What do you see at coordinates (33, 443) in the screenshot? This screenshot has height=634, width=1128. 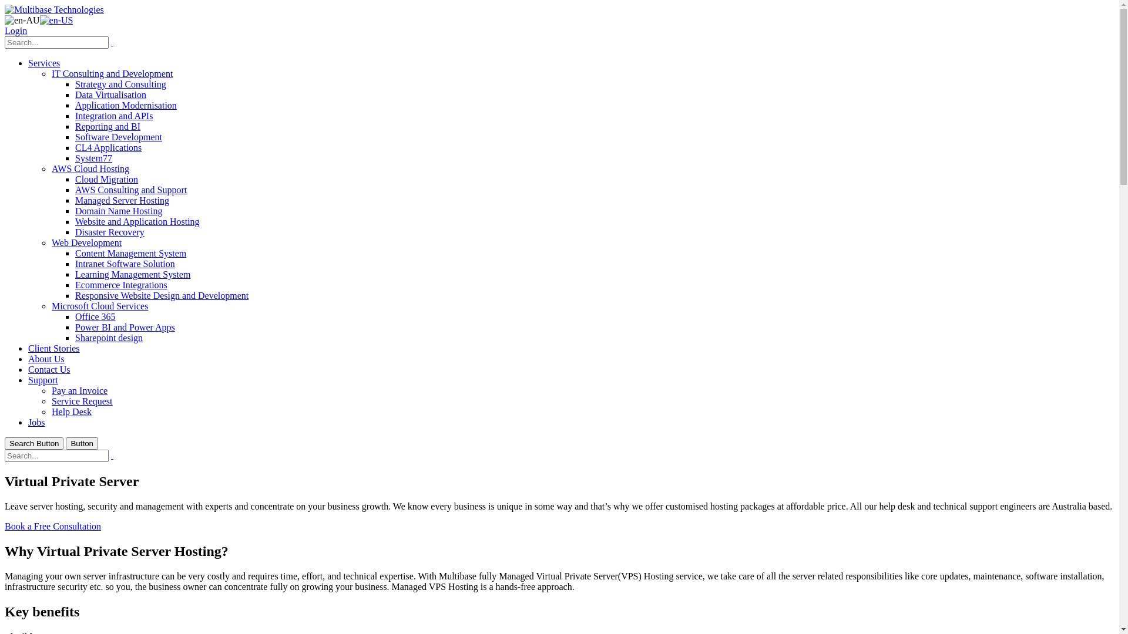 I see `'Search Button'` at bounding box center [33, 443].